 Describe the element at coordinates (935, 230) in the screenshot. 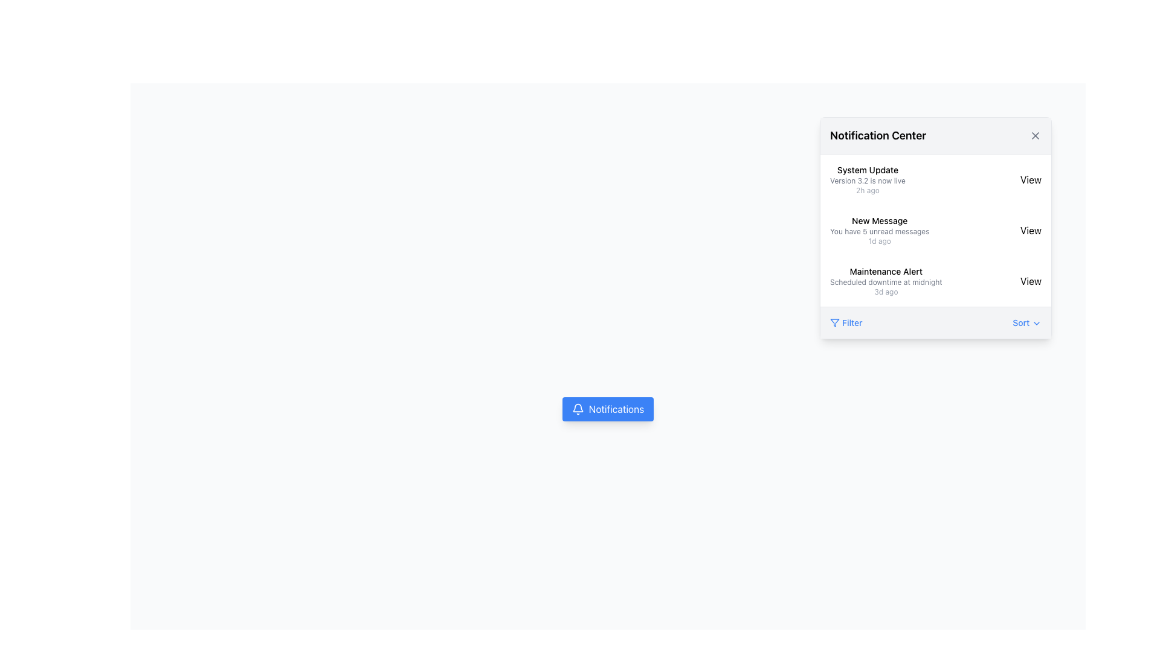

I see `the second notification entry element displaying 'New Message' with the description 'You have 5 unread messages'` at that location.